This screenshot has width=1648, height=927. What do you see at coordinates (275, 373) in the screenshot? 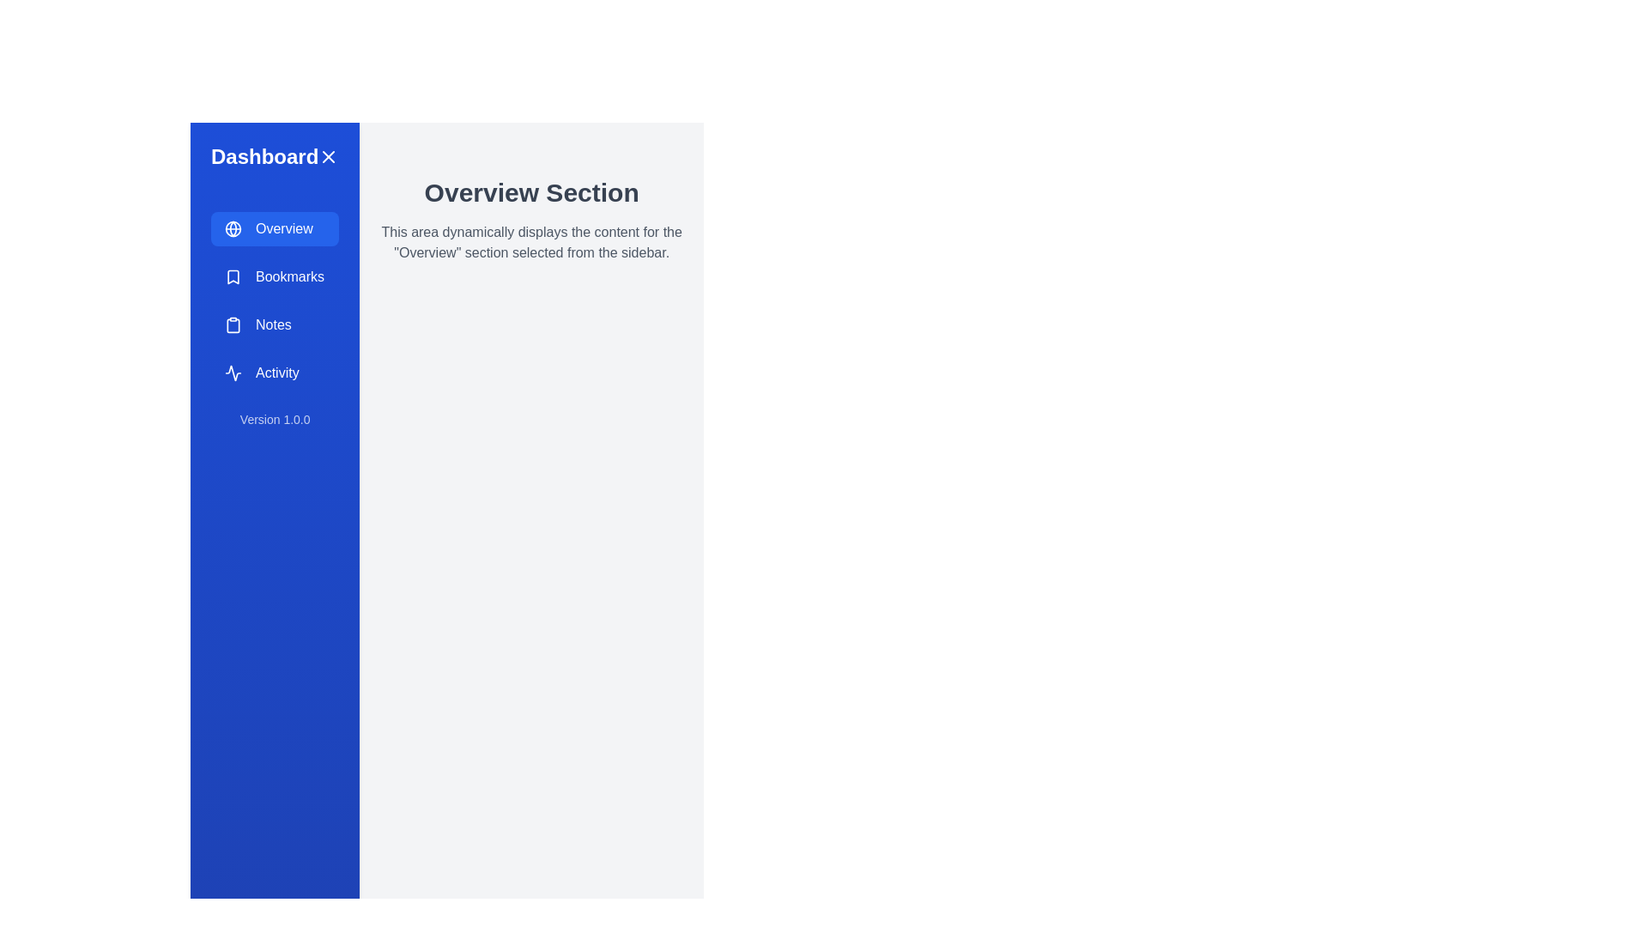
I see `the sidebar navigation option Activity` at bounding box center [275, 373].